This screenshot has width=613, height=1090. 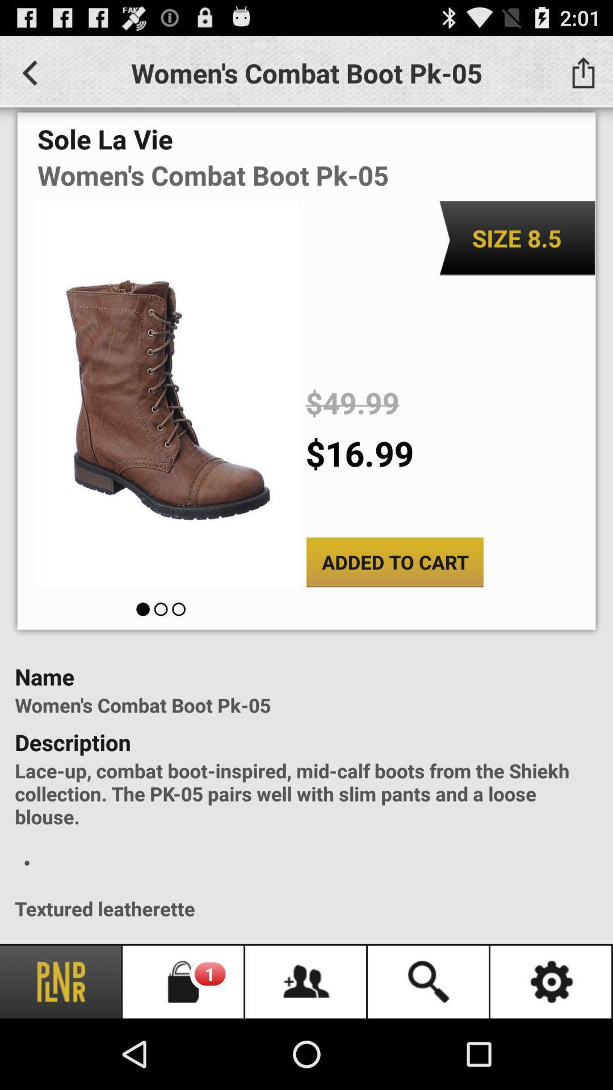 What do you see at coordinates (306, 981) in the screenshot?
I see `the icon which is before the search icon` at bounding box center [306, 981].